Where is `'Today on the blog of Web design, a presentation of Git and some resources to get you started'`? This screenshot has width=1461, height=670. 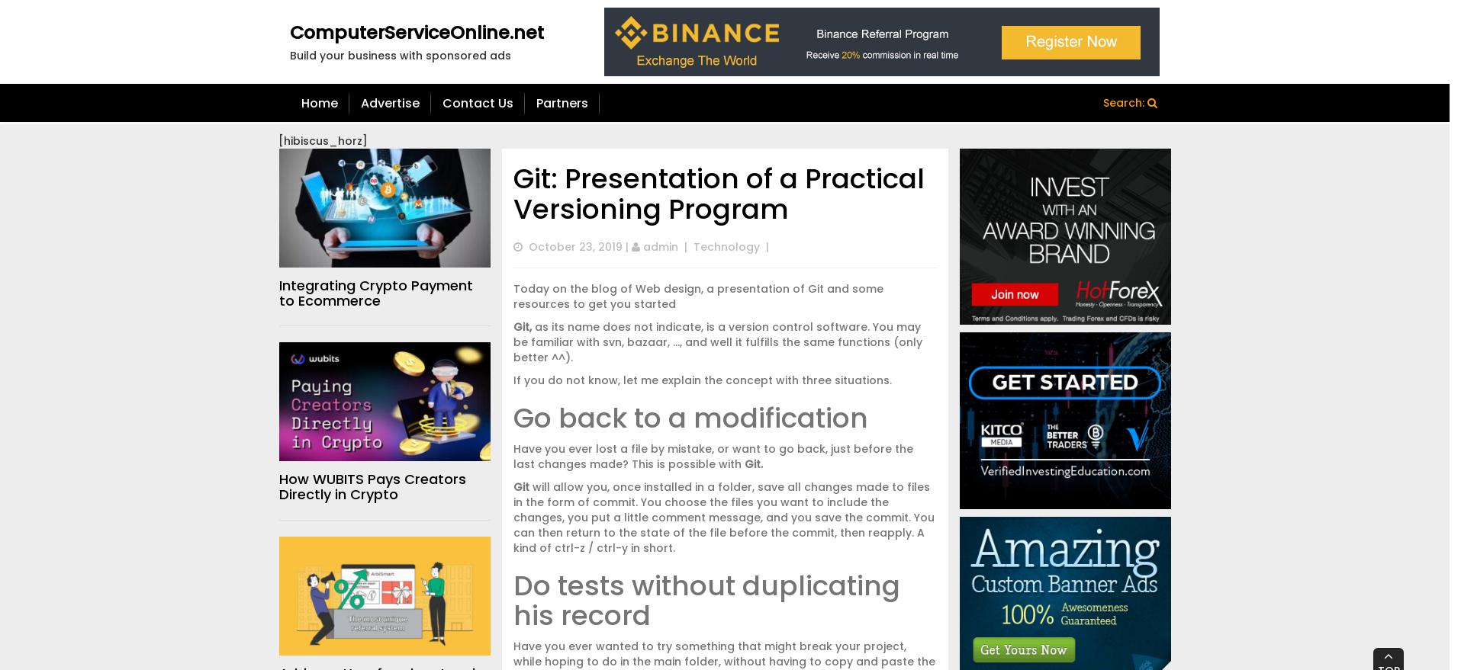
'Today on the blog of Web design, a presentation of Git and some resources to get you started' is located at coordinates (512, 296).